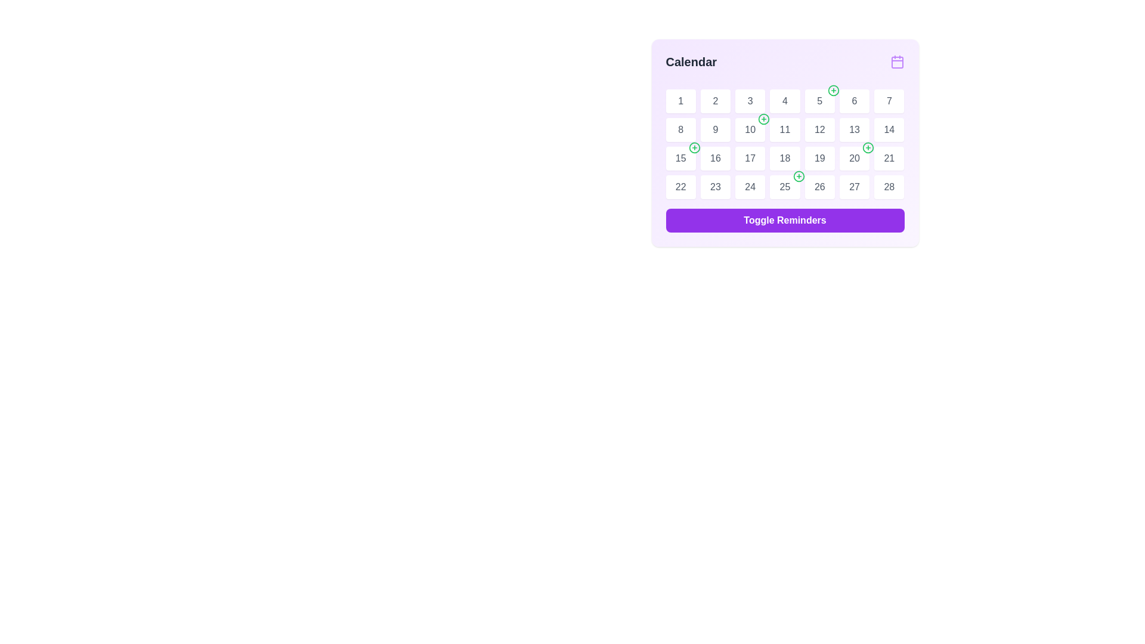  What do you see at coordinates (716, 129) in the screenshot?
I see `the date indicator text label` at bounding box center [716, 129].